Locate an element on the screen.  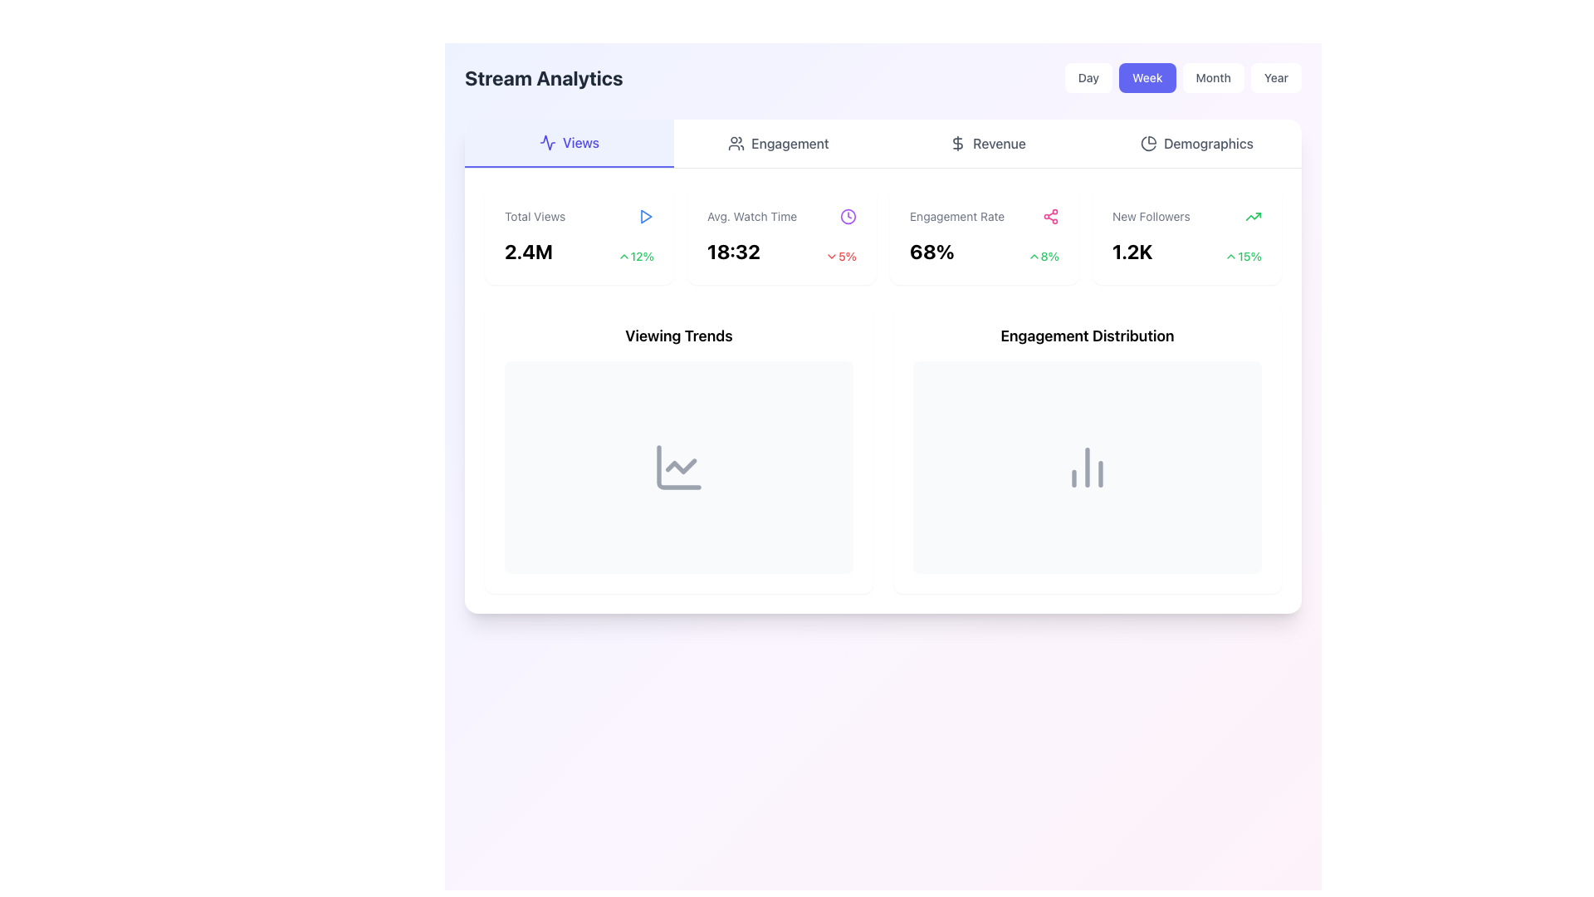
the Information card, which is the second card in a two-card layout grid positioned to the right of the first card titled 'Viewing Trends' is located at coordinates (1088, 448).